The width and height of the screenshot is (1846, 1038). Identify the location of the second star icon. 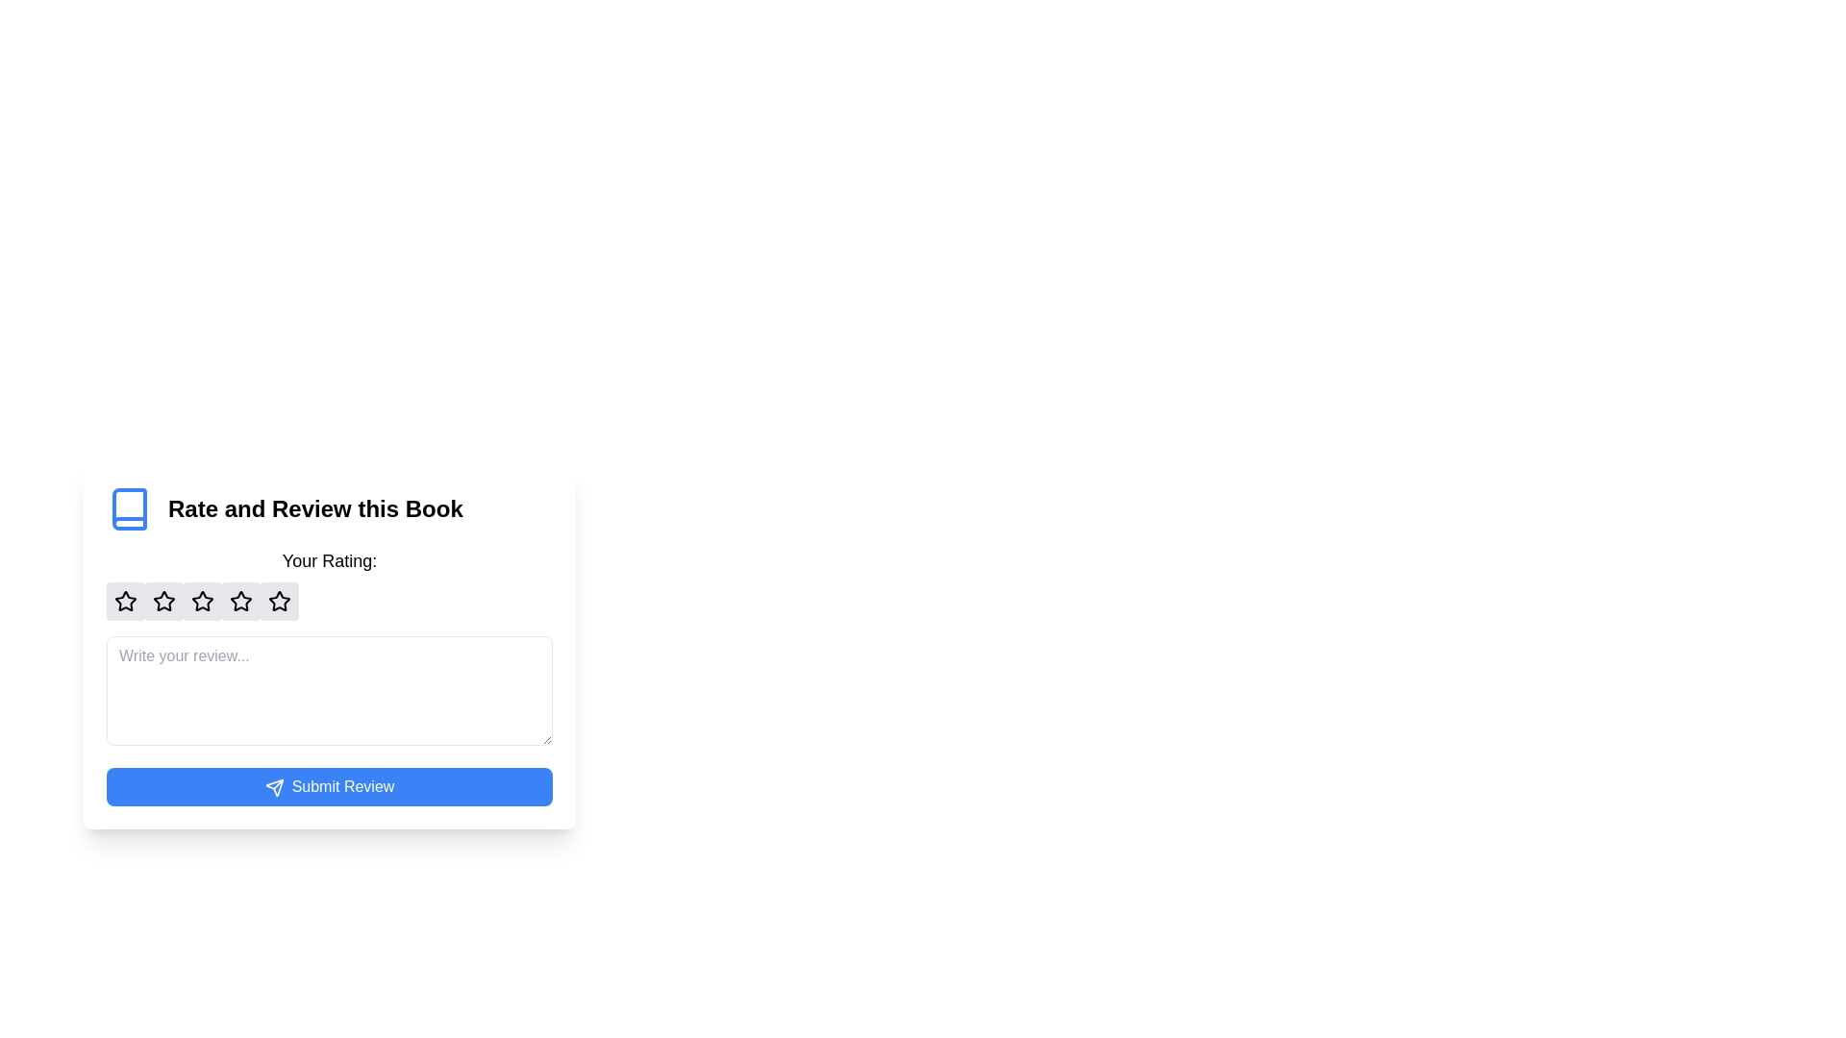
(203, 600).